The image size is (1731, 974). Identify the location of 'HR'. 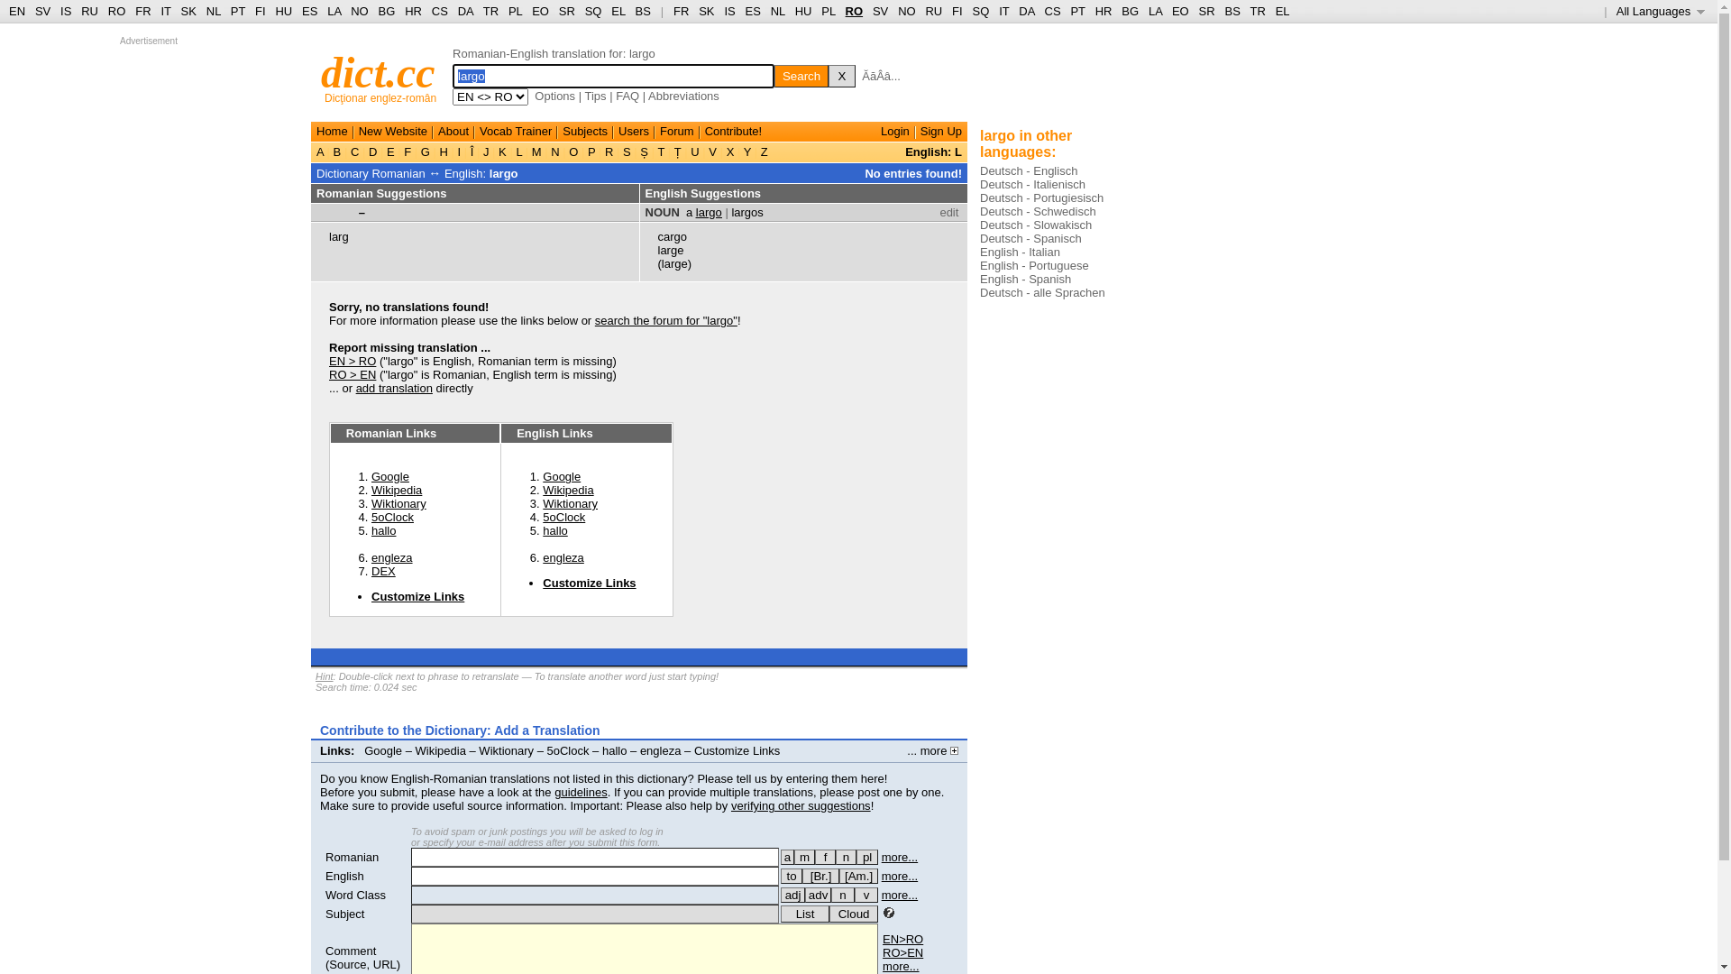
(412, 11).